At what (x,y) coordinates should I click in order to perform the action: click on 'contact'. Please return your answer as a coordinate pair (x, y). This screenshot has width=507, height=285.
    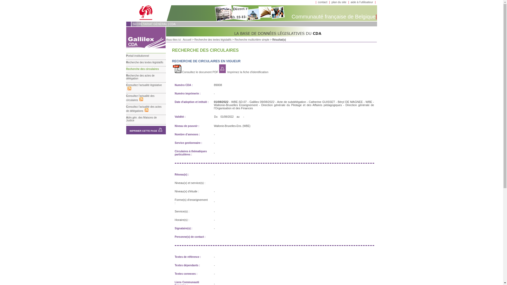
    Looking at the image, I should click on (322, 2).